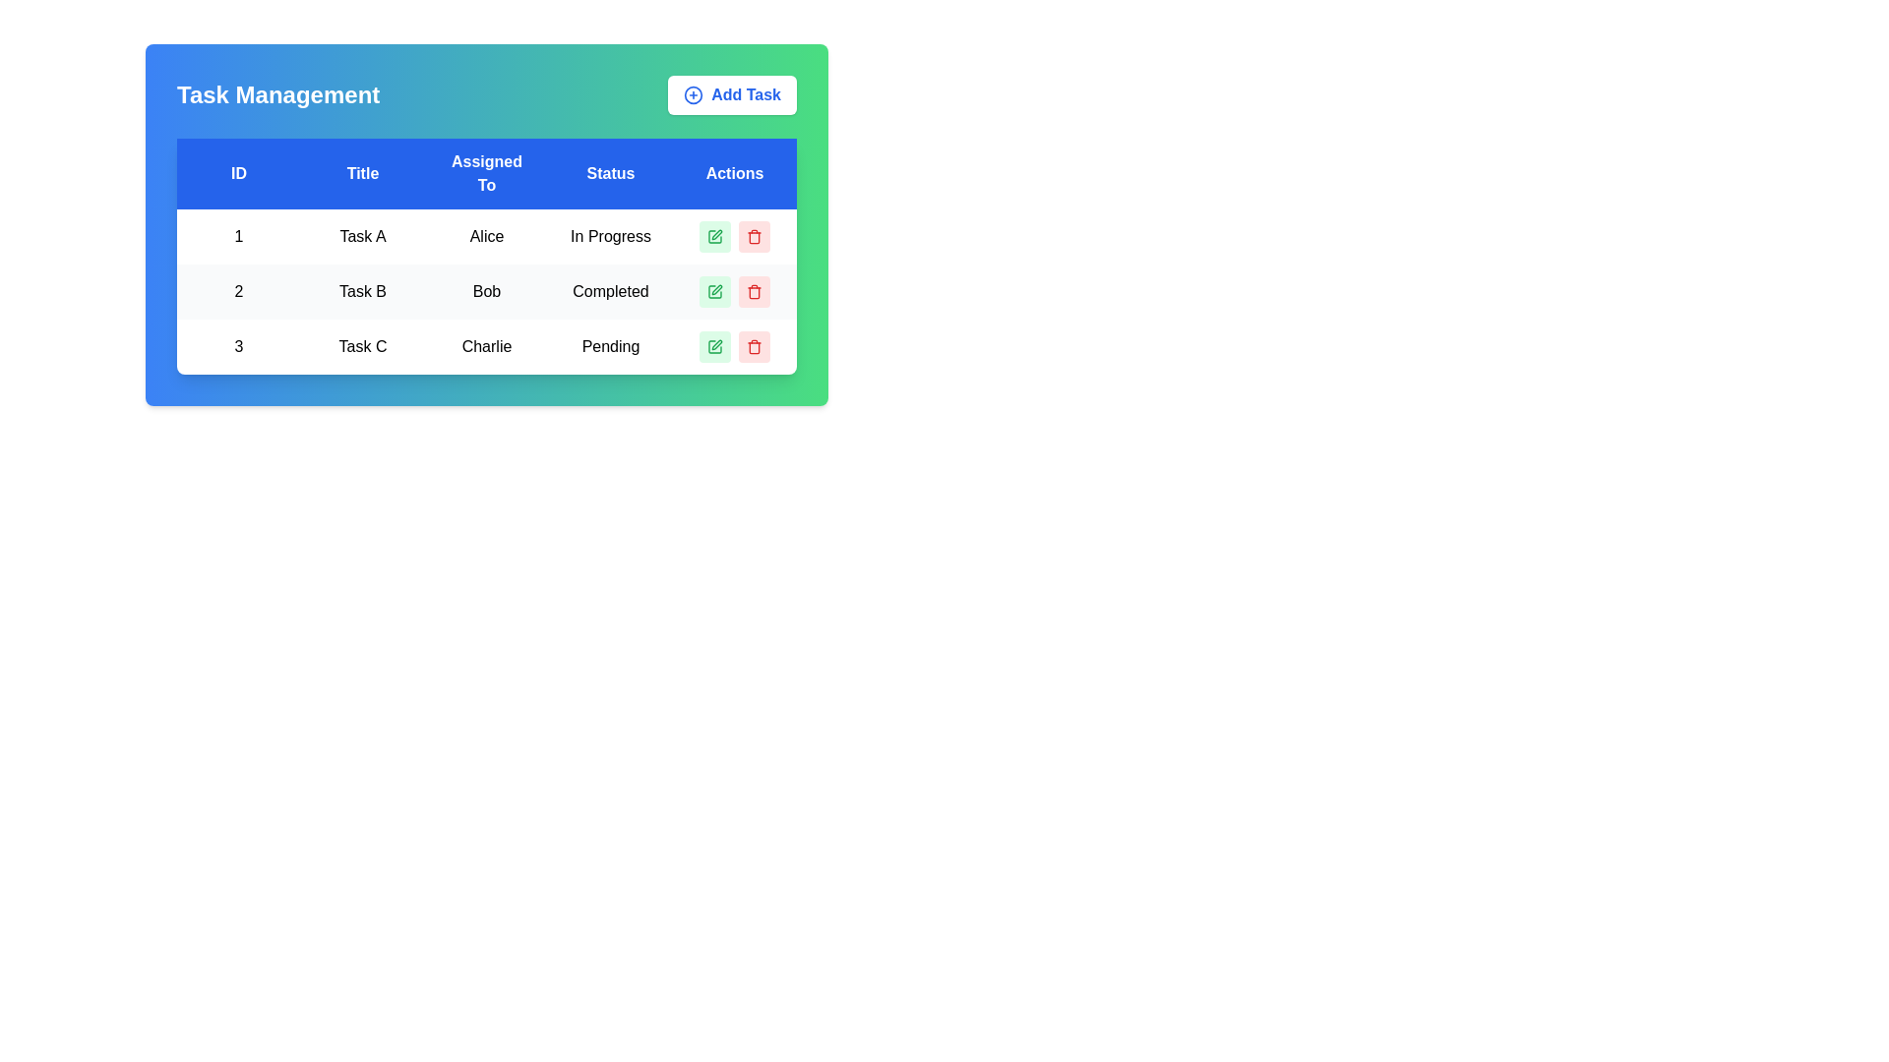 The height and width of the screenshot is (1062, 1889). Describe the element at coordinates (609, 235) in the screenshot. I see `the text label displaying 'In Progress' in the 'Status' column of the status table for 'Task A' assigned to 'Alice'` at that location.